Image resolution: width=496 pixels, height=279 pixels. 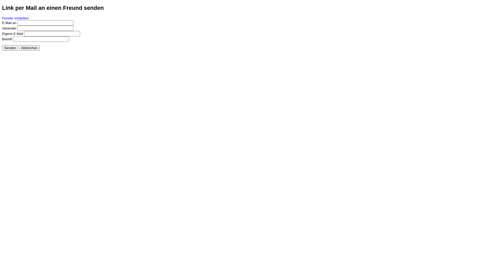 I want to click on 'Abbrechen', so click(x=29, y=48).